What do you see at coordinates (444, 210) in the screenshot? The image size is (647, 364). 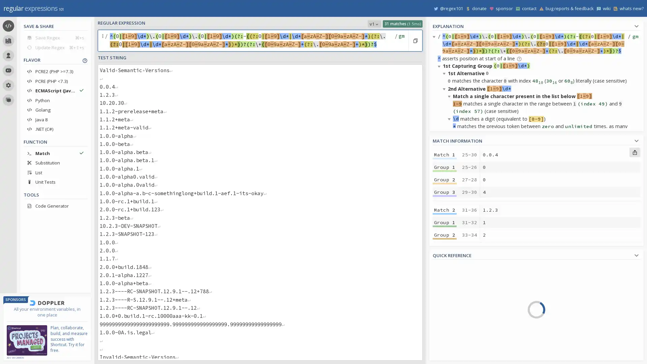 I see `Match 2` at bounding box center [444, 210].